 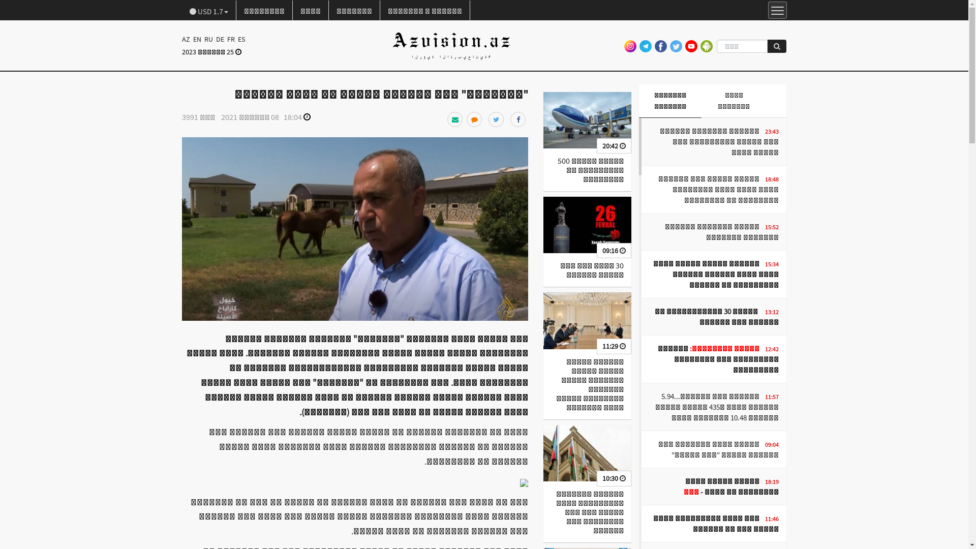 I want to click on 'EN', so click(x=191, y=39).